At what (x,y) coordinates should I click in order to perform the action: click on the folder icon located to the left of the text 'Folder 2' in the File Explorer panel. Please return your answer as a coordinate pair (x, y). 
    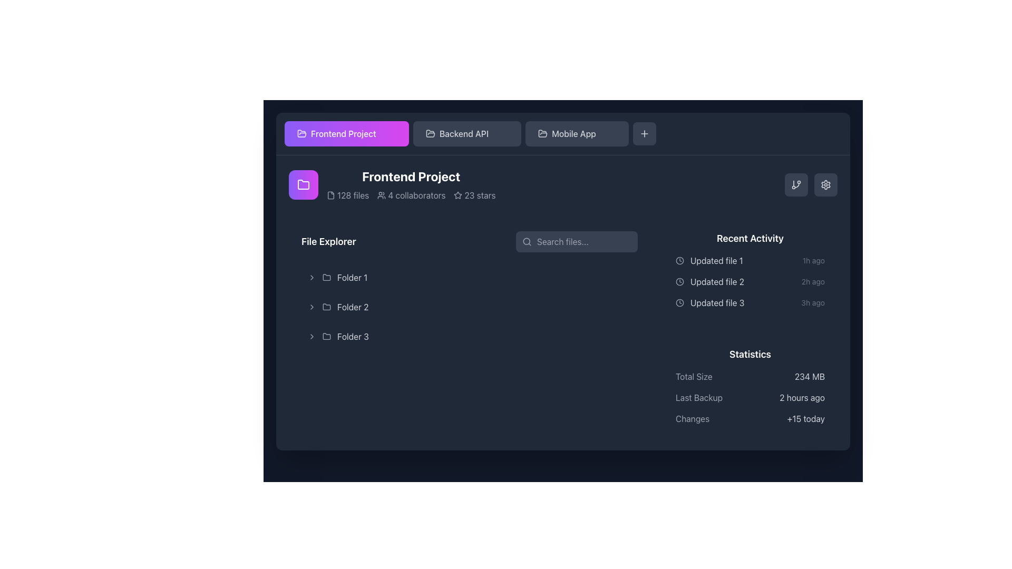
    Looking at the image, I should click on (326, 307).